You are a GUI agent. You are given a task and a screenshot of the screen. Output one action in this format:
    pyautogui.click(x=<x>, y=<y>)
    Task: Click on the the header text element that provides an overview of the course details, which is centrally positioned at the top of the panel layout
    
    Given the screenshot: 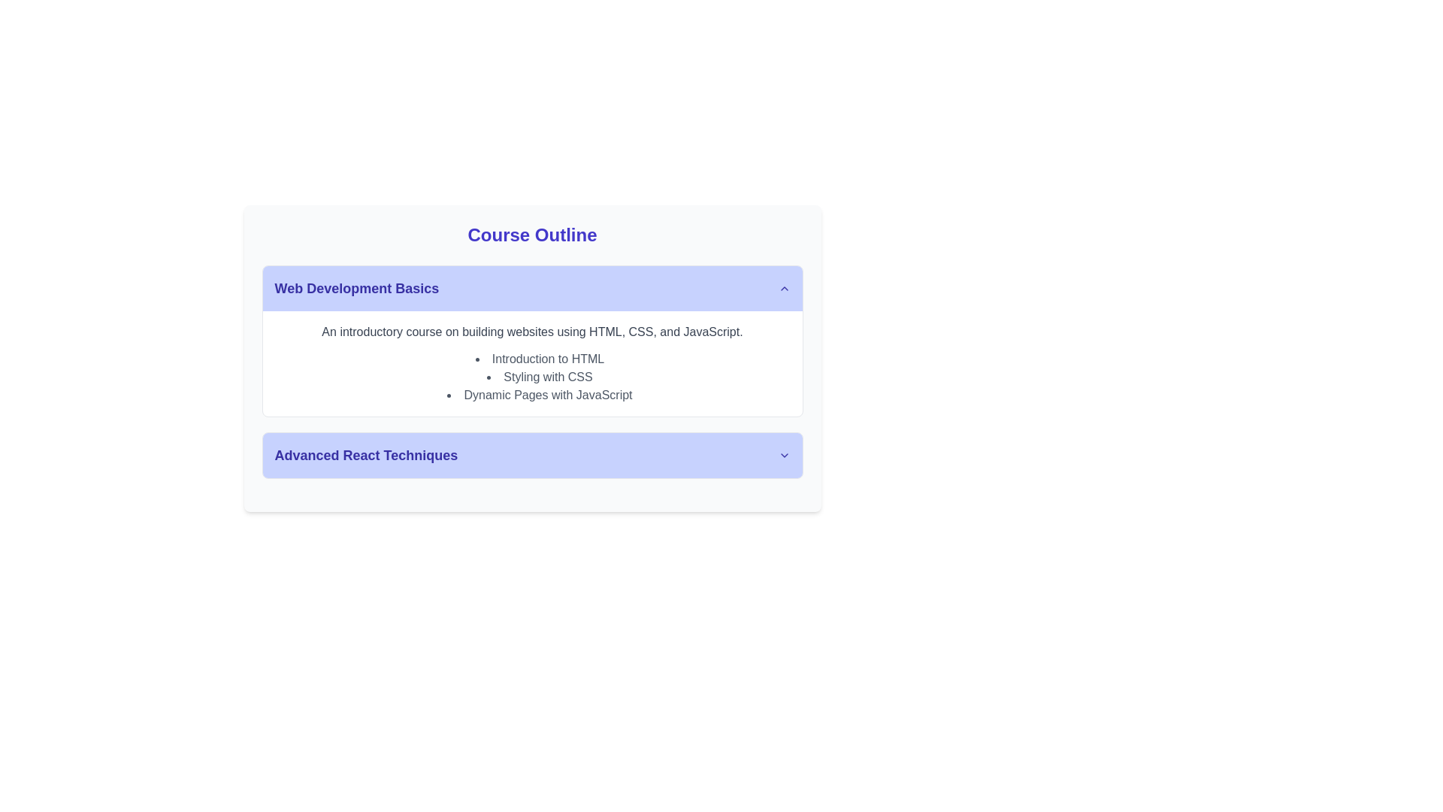 What is the action you would take?
    pyautogui.click(x=532, y=235)
    